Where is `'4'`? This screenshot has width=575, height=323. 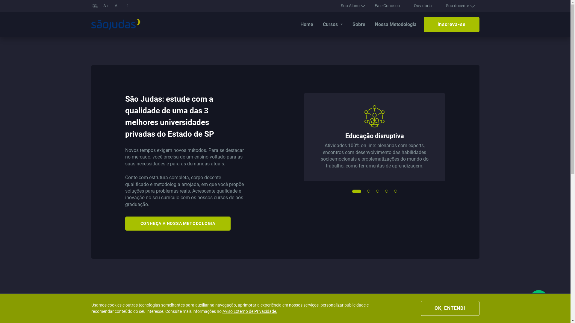 '4' is located at coordinates (387, 191).